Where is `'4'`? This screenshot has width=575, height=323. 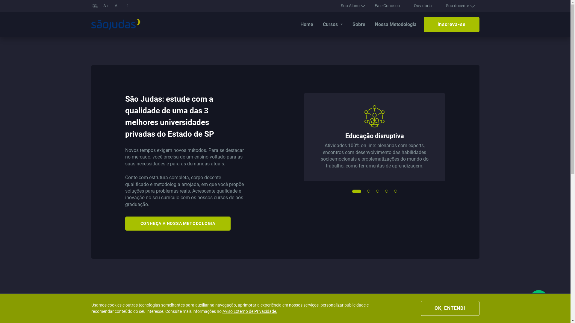 '4' is located at coordinates (387, 191).